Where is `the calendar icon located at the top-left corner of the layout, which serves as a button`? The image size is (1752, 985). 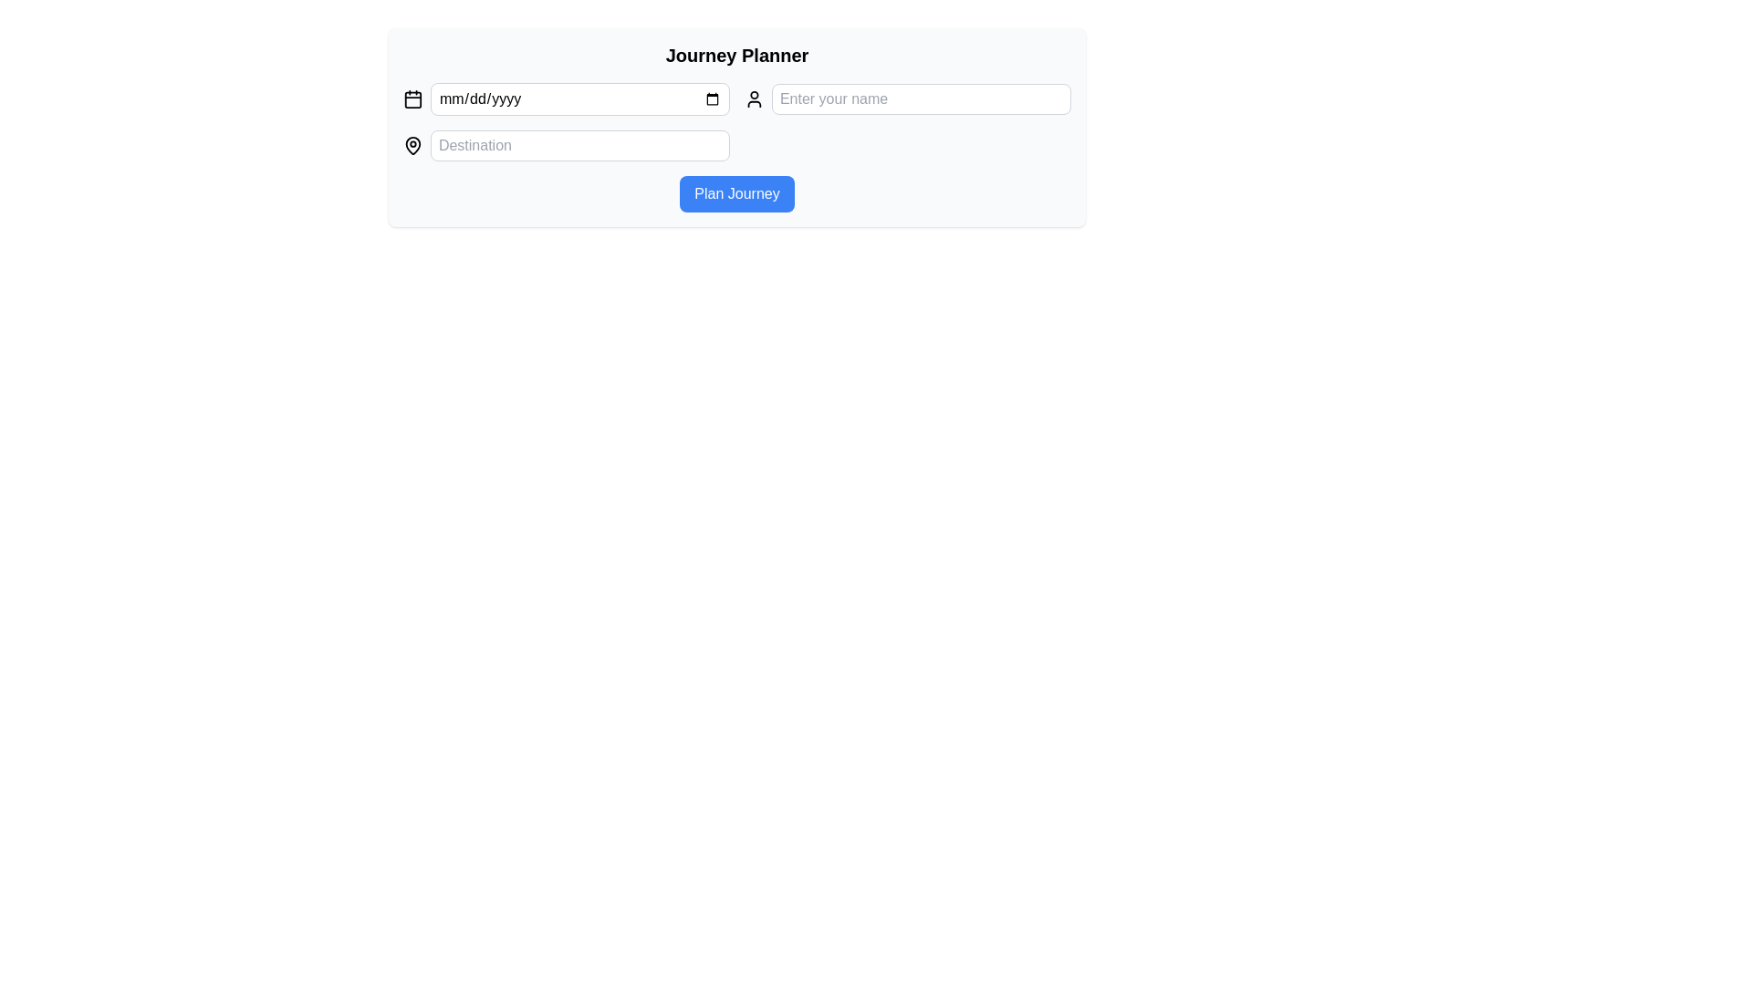 the calendar icon located at the top-left corner of the layout, which serves as a button is located at coordinates (412, 98).